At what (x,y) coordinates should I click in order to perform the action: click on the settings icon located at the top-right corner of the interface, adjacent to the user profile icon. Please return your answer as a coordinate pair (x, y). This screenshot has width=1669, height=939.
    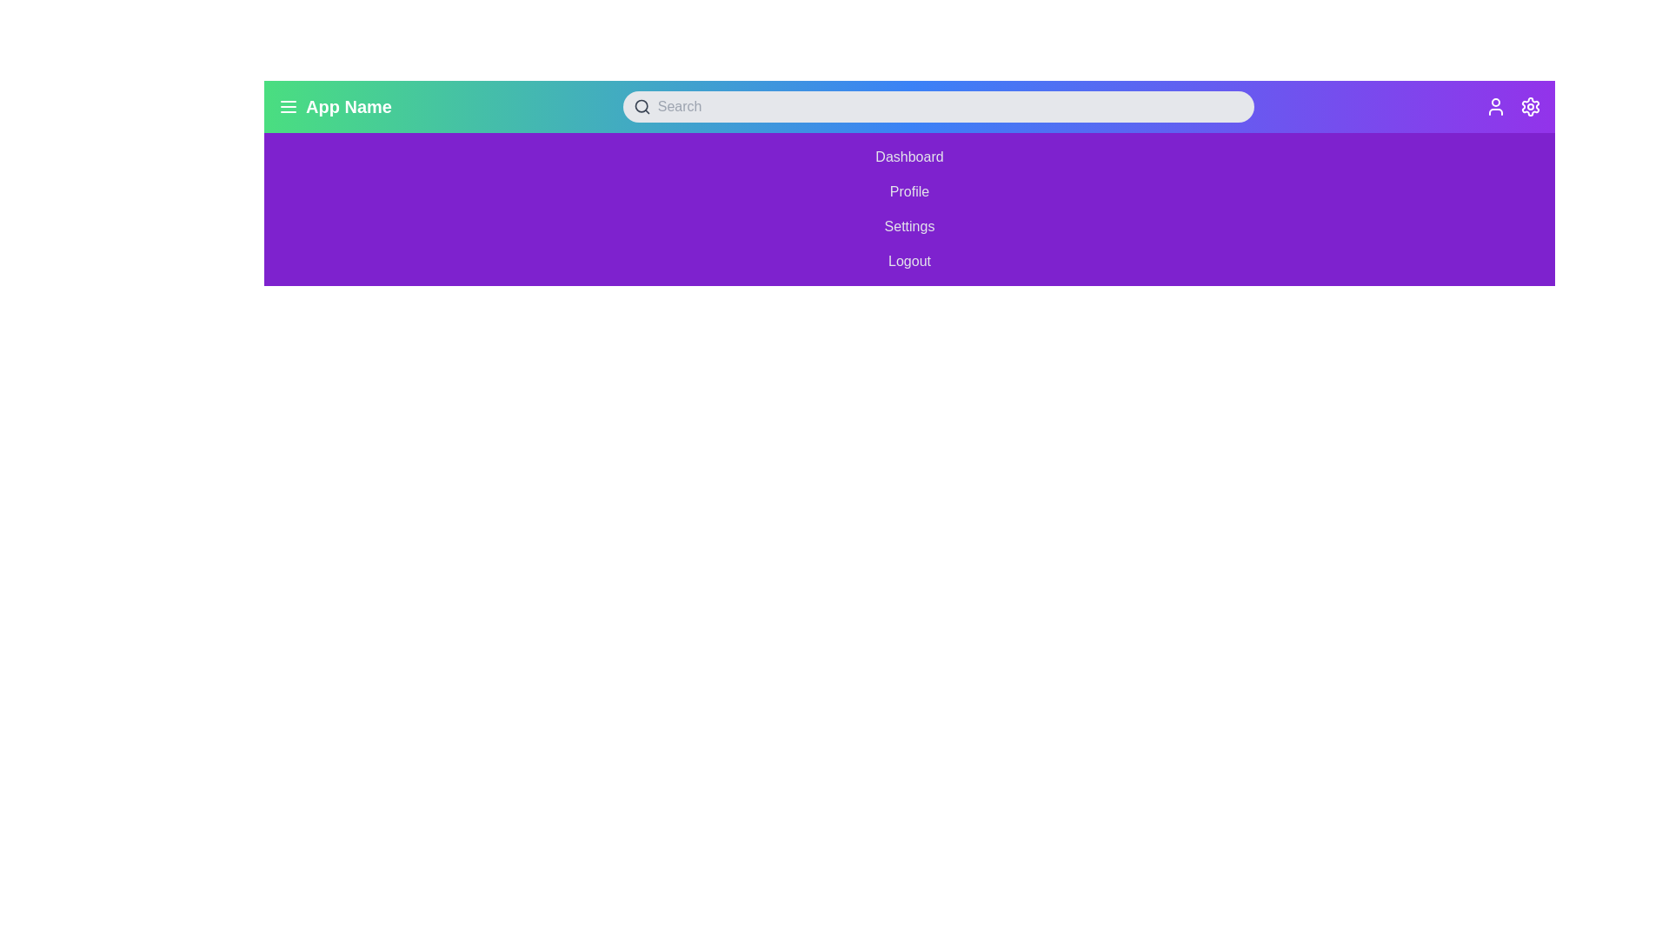
    Looking at the image, I should click on (1531, 107).